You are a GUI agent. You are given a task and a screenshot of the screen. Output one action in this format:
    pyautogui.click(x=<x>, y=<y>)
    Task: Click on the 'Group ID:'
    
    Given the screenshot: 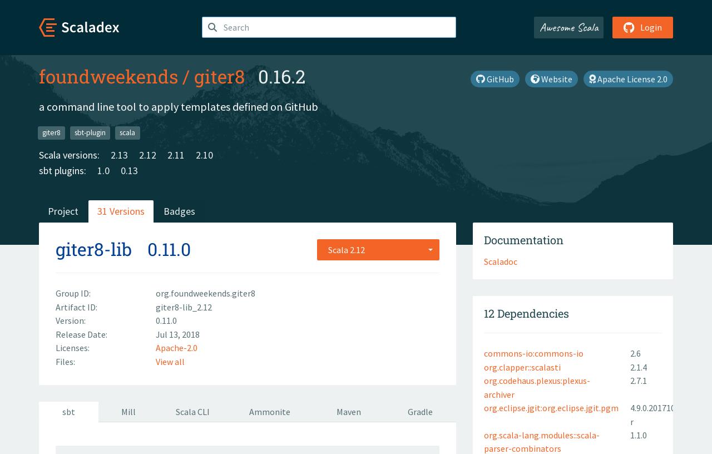 What is the action you would take?
    pyautogui.click(x=72, y=293)
    